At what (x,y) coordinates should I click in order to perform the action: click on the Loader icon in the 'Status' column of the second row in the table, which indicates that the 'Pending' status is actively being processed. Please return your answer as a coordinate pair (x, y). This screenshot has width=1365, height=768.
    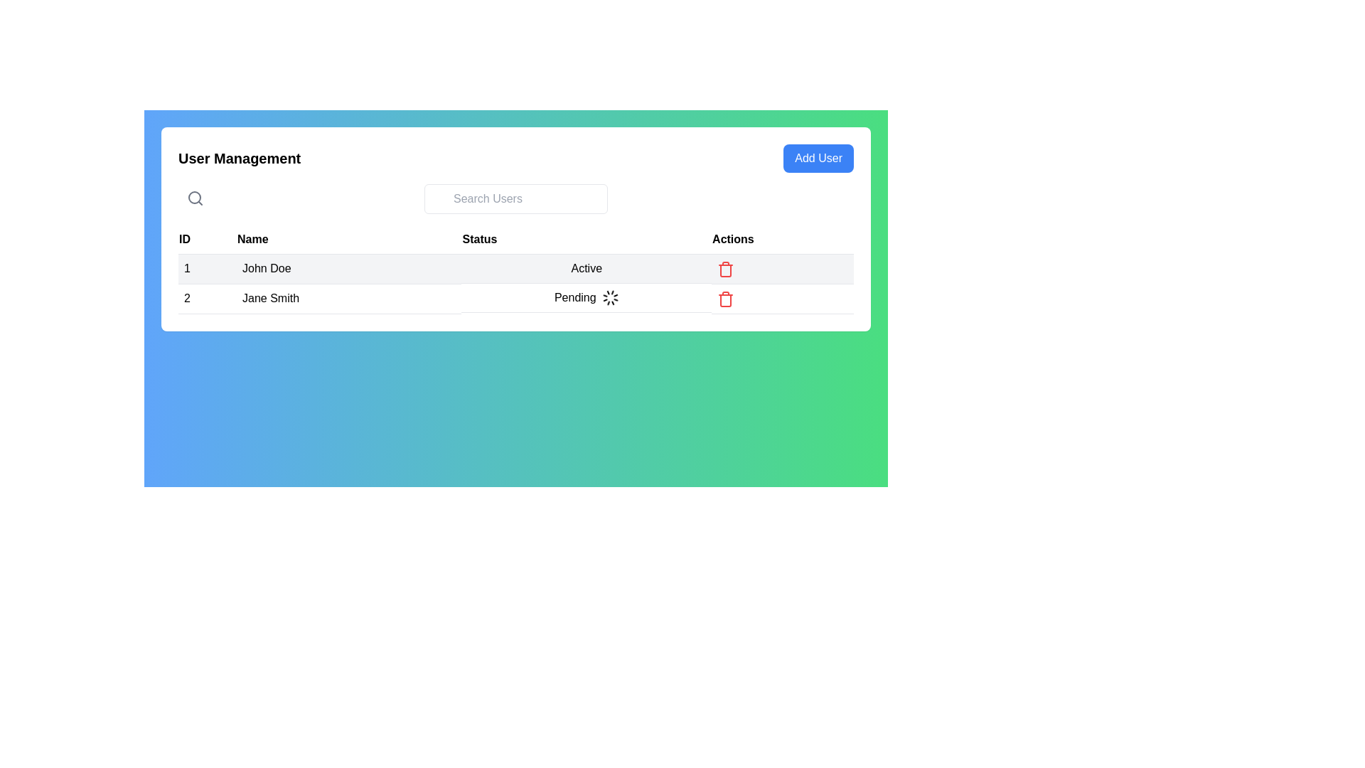
    Looking at the image, I should click on (610, 297).